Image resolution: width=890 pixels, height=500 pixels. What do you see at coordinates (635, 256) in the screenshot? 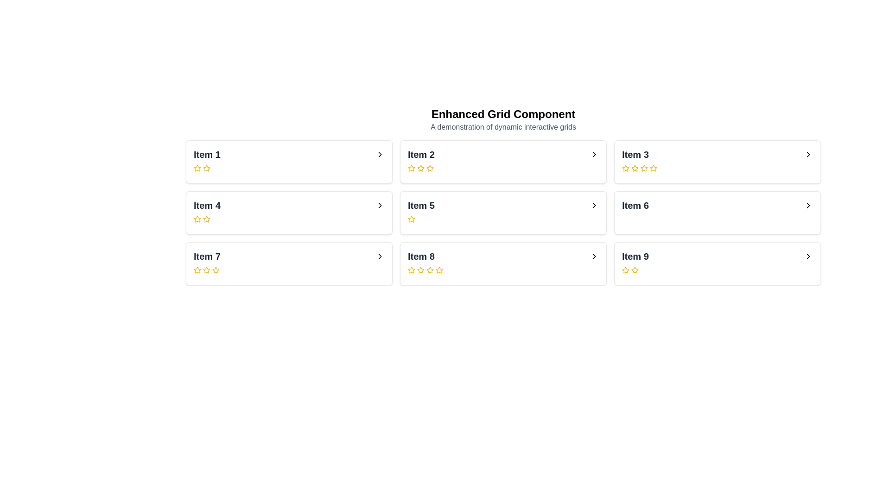
I see `the text label displaying 'Item 9', which is styled with a bold, larger font in dark gray color, located in the bottom-right corner of the layout, adjacent to a right arrow icon` at bounding box center [635, 256].